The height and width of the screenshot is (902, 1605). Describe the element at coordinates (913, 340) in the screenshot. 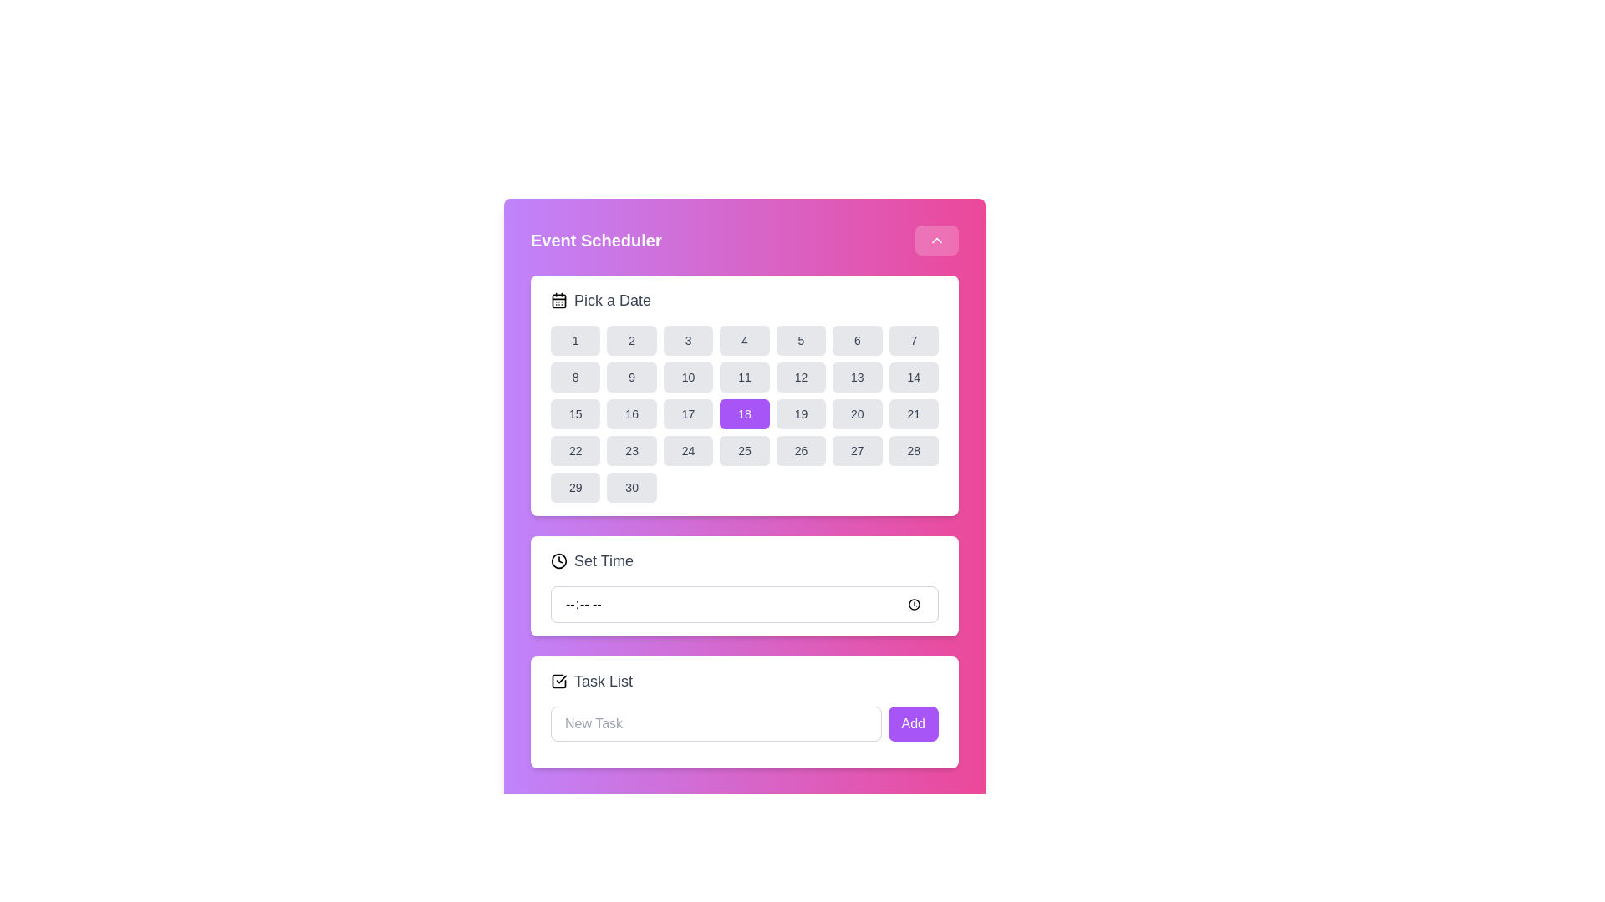

I see `the button representing the seventh day of the month in the 'Pick a Date' calendar selector of the 'Event Scheduler' interface` at that location.